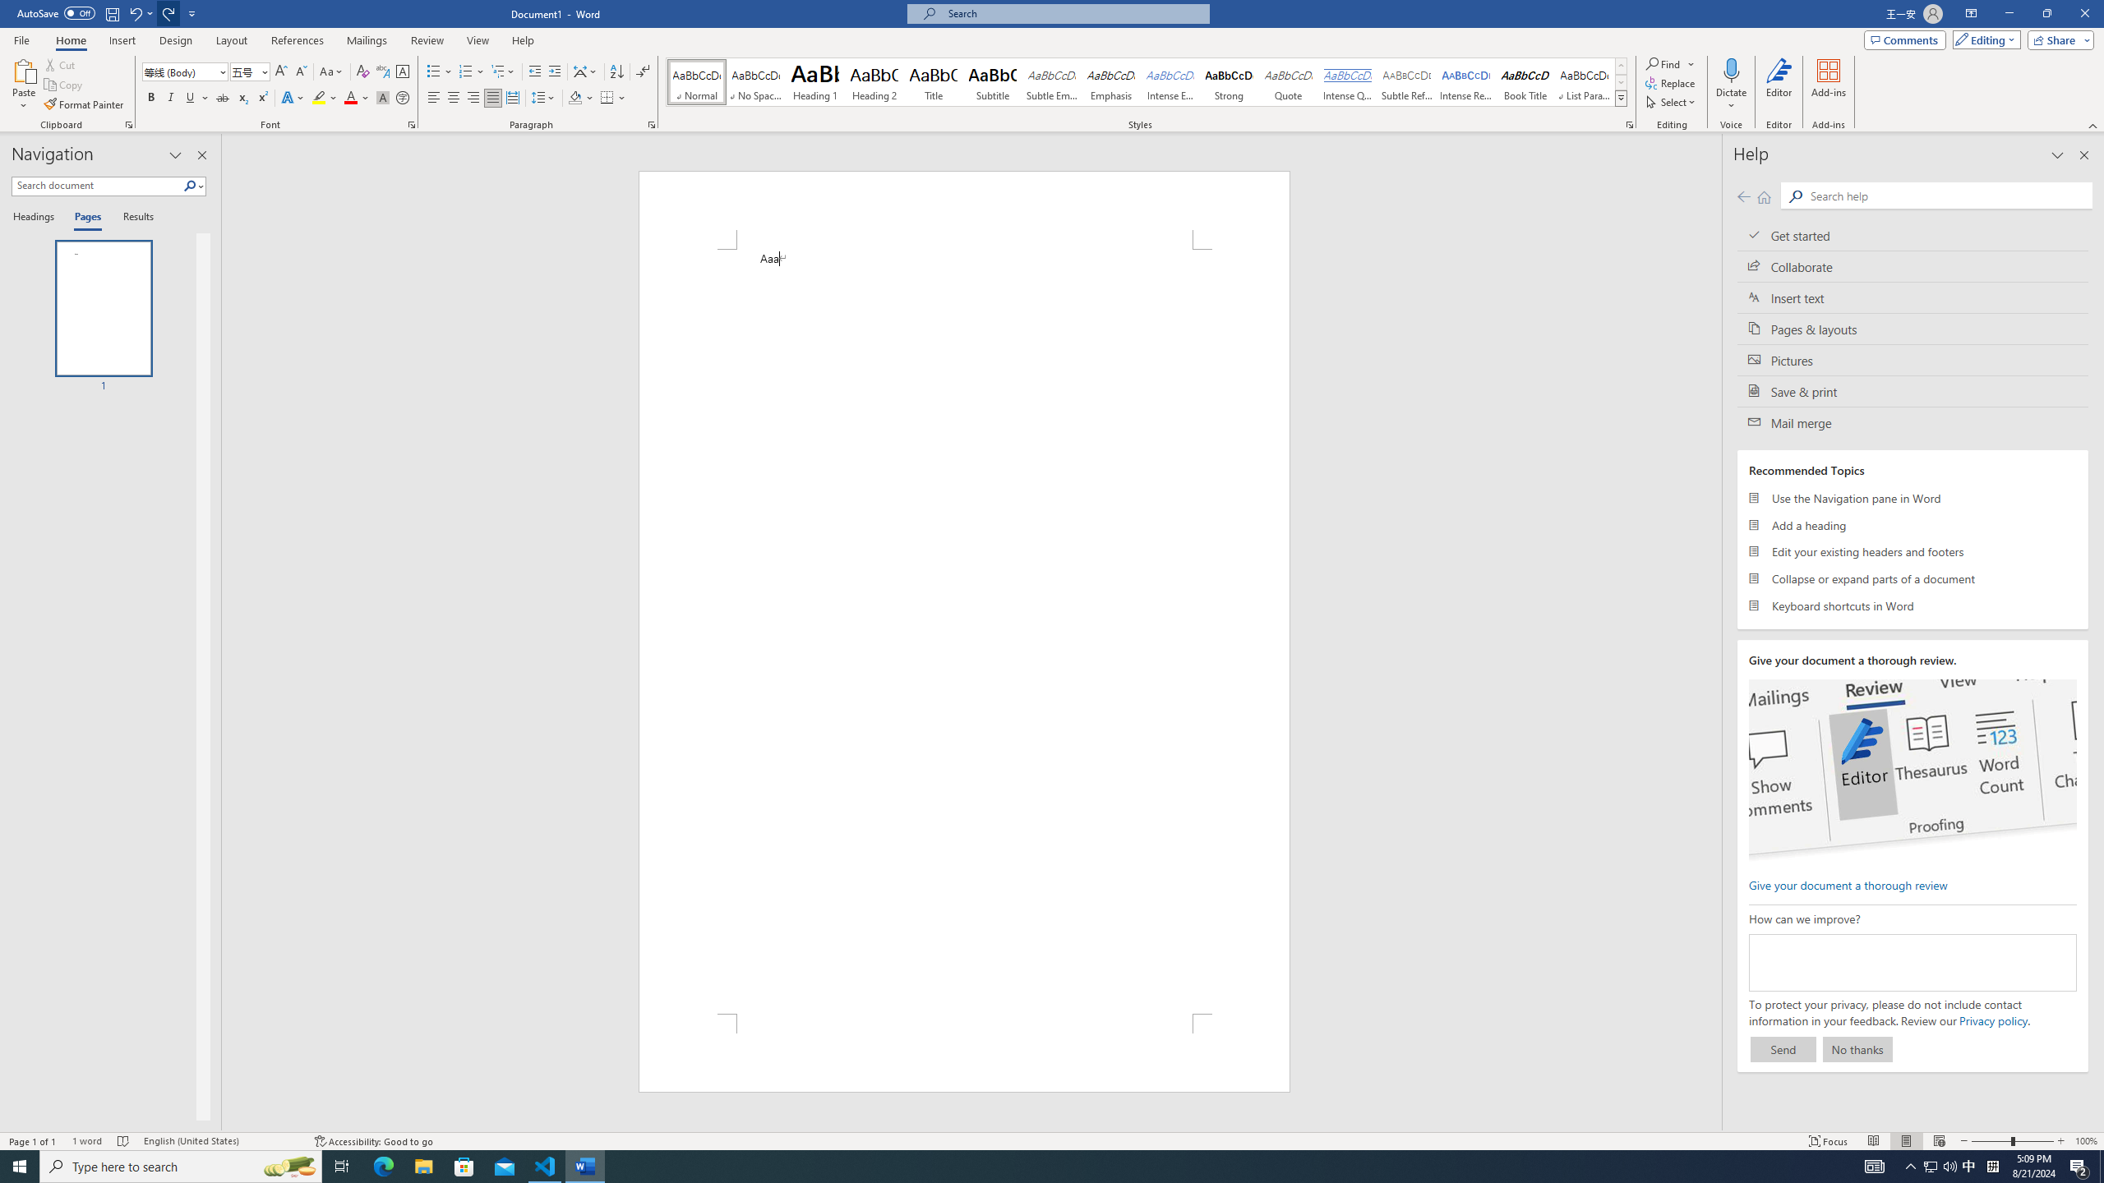 The width and height of the screenshot is (2104, 1183). What do you see at coordinates (643, 71) in the screenshot?
I see `'Show/Hide Editing Marks'` at bounding box center [643, 71].